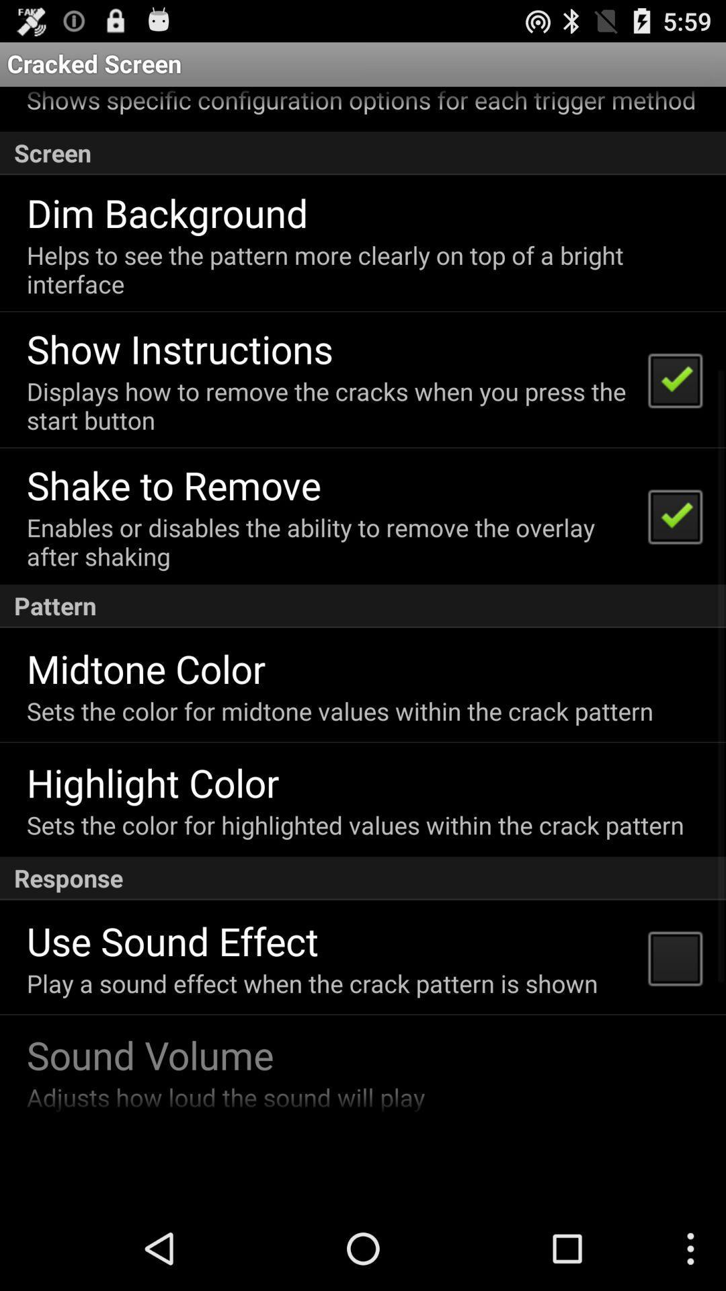 The width and height of the screenshot is (726, 1291). I want to click on show instructions icon, so click(179, 348).